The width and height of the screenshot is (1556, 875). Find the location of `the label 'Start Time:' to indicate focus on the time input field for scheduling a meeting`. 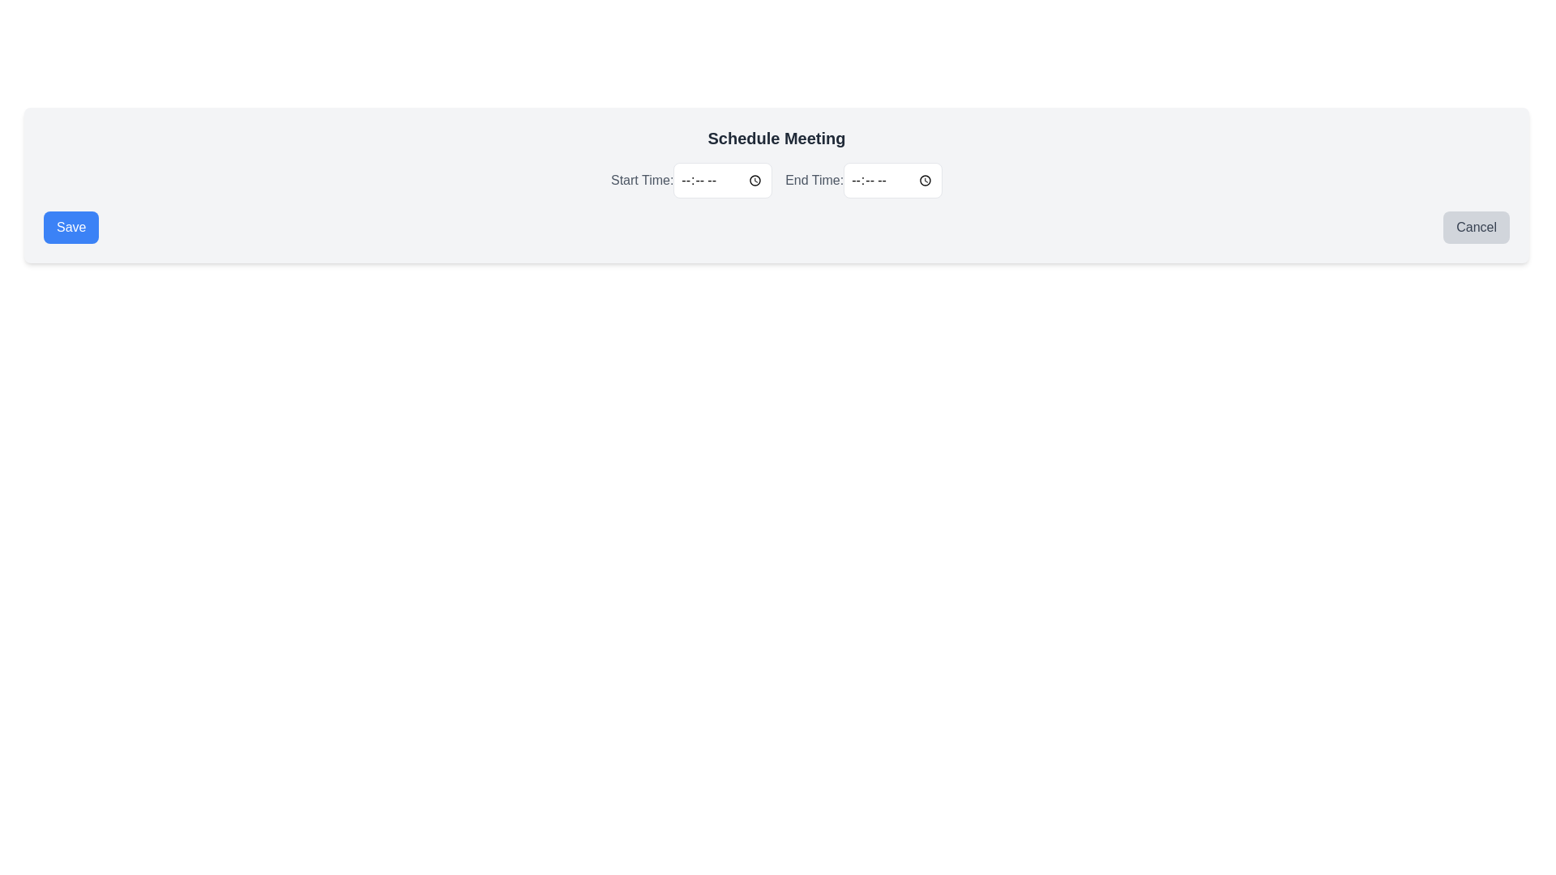

the label 'Start Time:' to indicate focus on the time input field for scheduling a meeting is located at coordinates (691, 181).